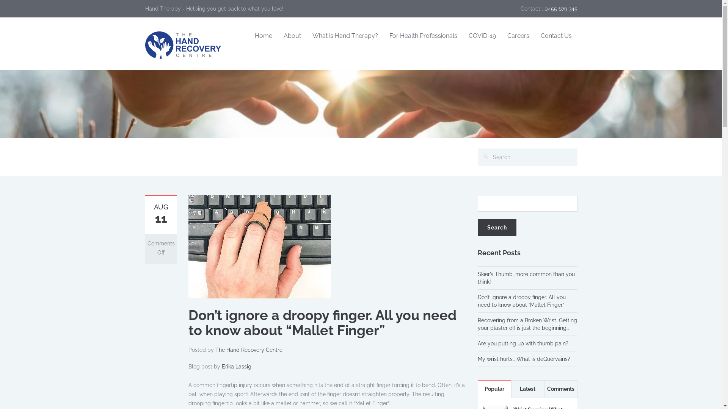 This screenshot has height=409, width=728. Describe the element at coordinates (555, 36) in the screenshot. I see `'Contact Us'` at that location.